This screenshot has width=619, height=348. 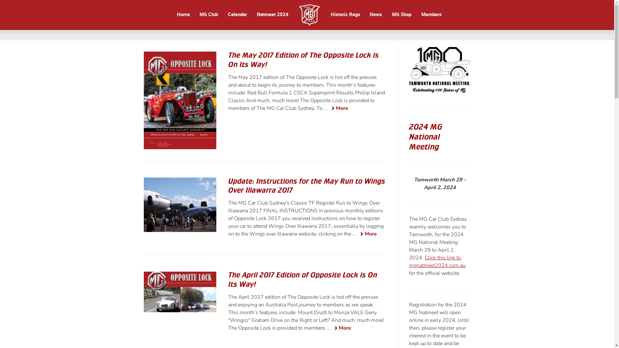 What do you see at coordinates (367, 234) in the screenshot?
I see `'More'` at bounding box center [367, 234].